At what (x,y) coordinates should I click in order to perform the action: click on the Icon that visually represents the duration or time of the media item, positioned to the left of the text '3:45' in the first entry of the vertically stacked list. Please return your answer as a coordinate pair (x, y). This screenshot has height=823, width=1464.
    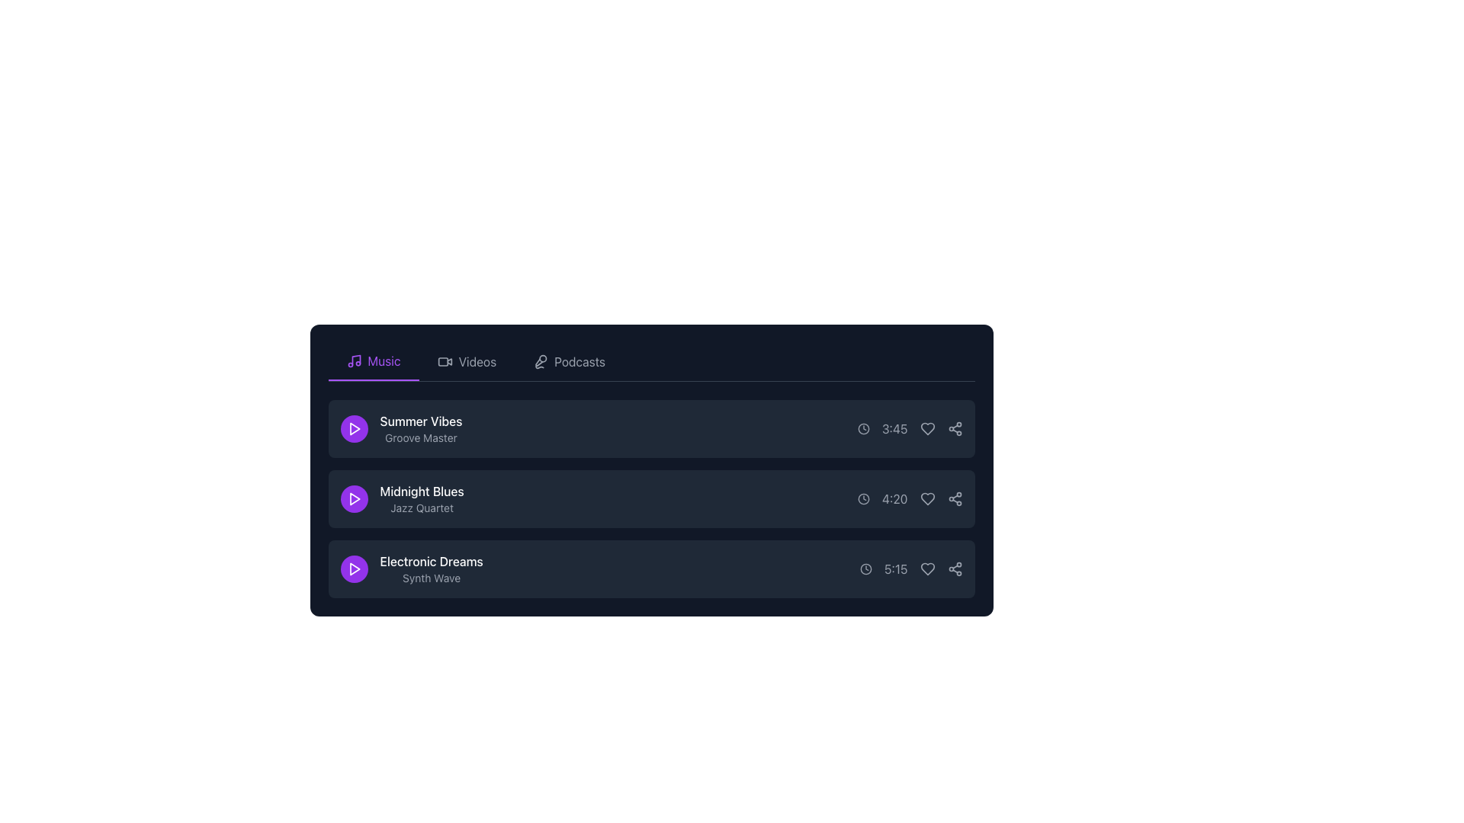
    Looking at the image, I should click on (863, 429).